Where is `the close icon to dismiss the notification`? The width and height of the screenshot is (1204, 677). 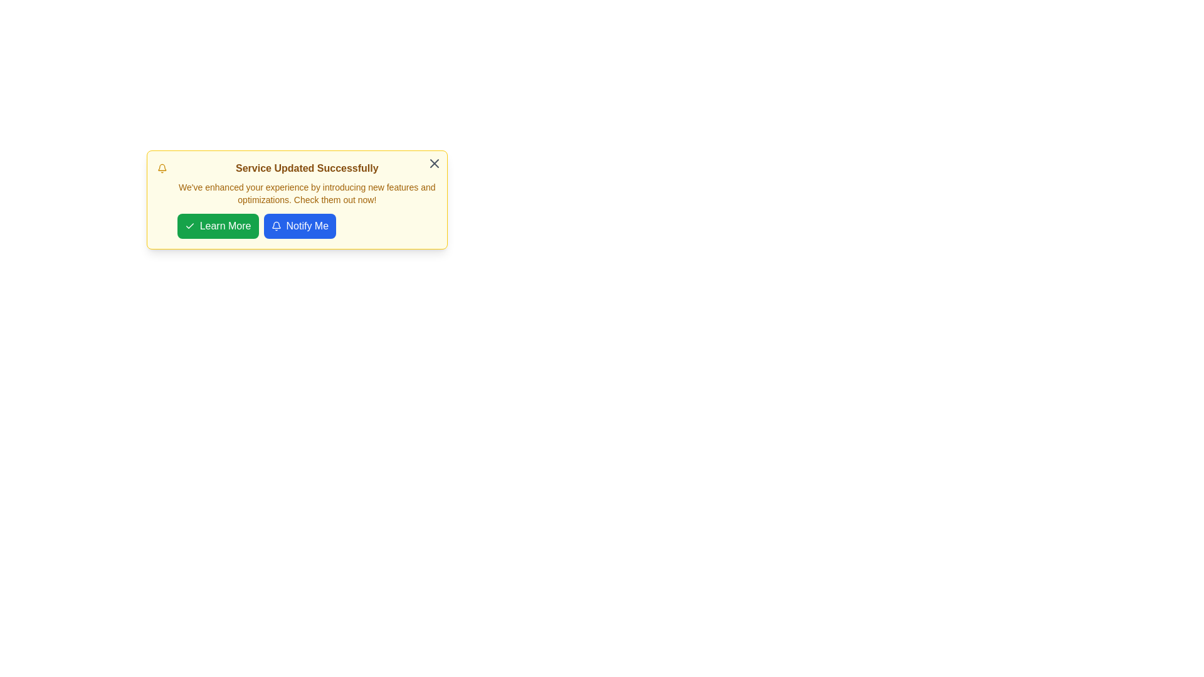 the close icon to dismiss the notification is located at coordinates (434, 163).